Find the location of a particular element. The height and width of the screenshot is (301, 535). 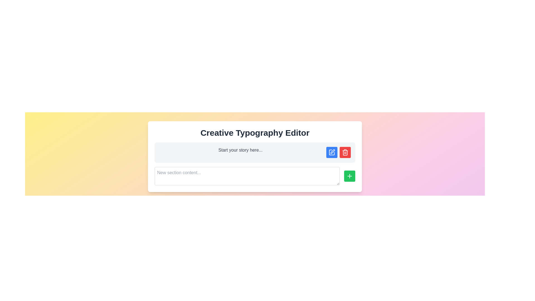

the text display field that shows the placeholder 'Start your story here...' in gray font, located in a pastel-themed editor interface is located at coordinates (240, 150).